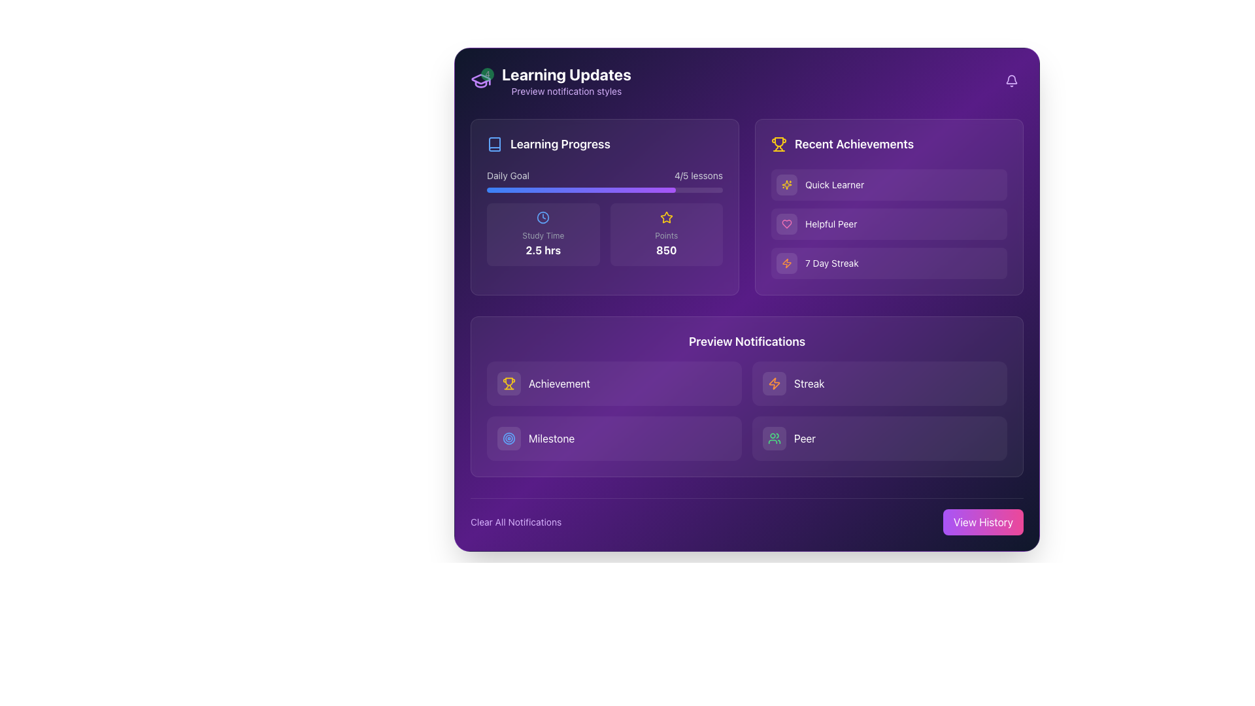 The image size is (1255, 706). I want to click on the 'Clear All Notifications' button-like link located at the bottom left of the card, so click(515, 521).